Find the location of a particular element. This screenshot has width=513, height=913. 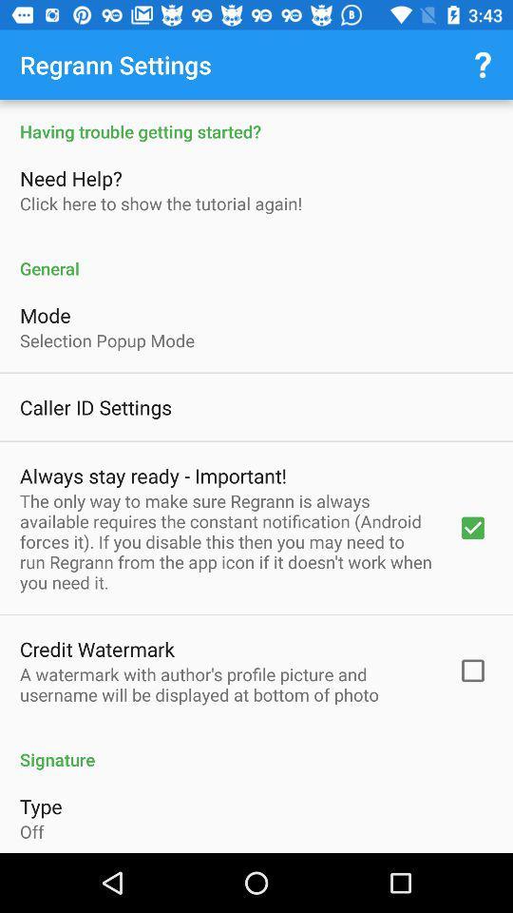

item above caller id settings is located at coordinates (107, 340).